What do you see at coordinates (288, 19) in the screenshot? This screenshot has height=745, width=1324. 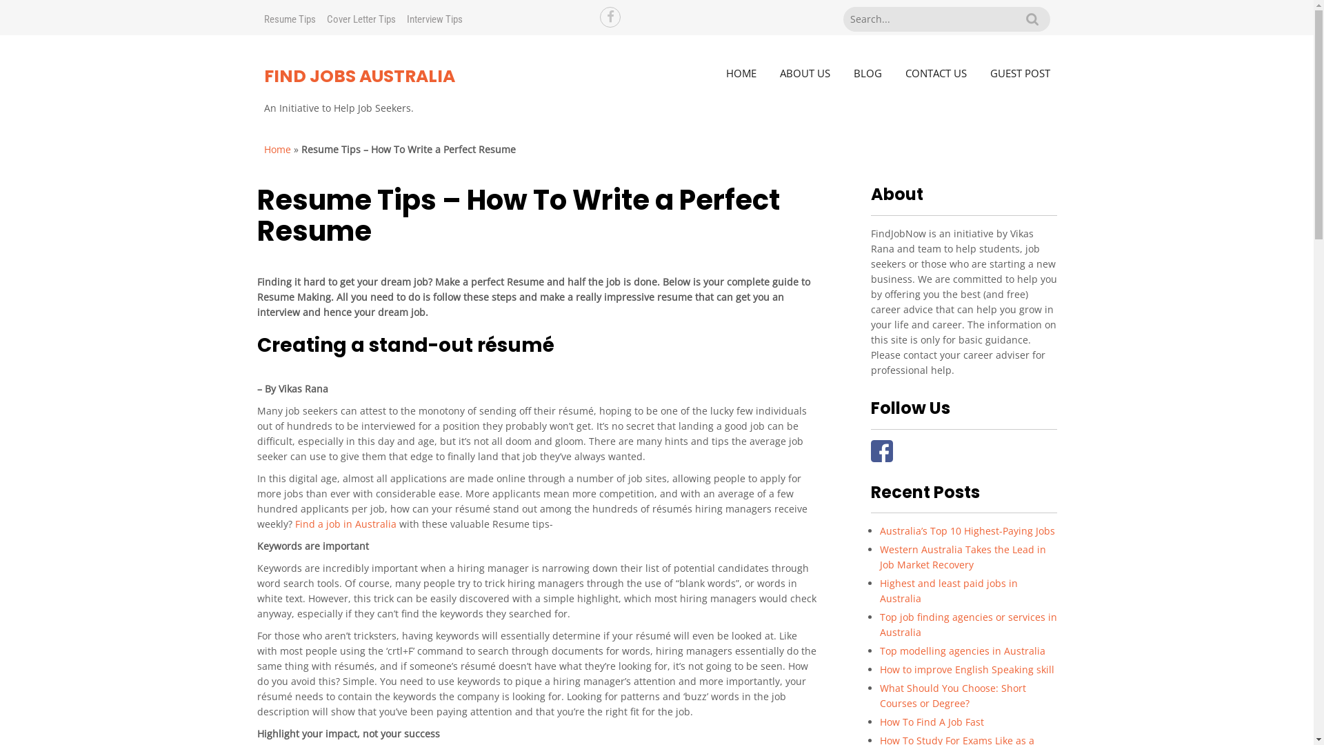 I see `'Resume Tips'` at bounding box center [288, 19].